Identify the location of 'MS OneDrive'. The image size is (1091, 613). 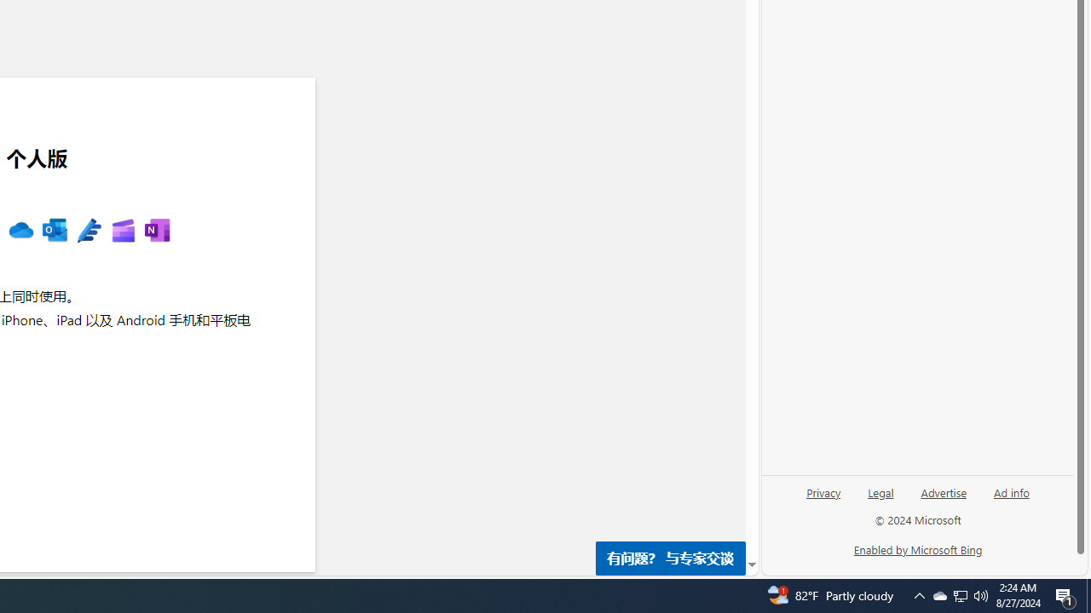
(20, 231).